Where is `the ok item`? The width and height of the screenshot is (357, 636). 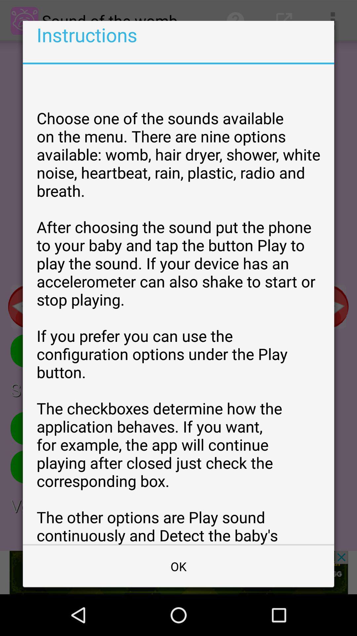 the ok item is located at coordinates (178, 566).